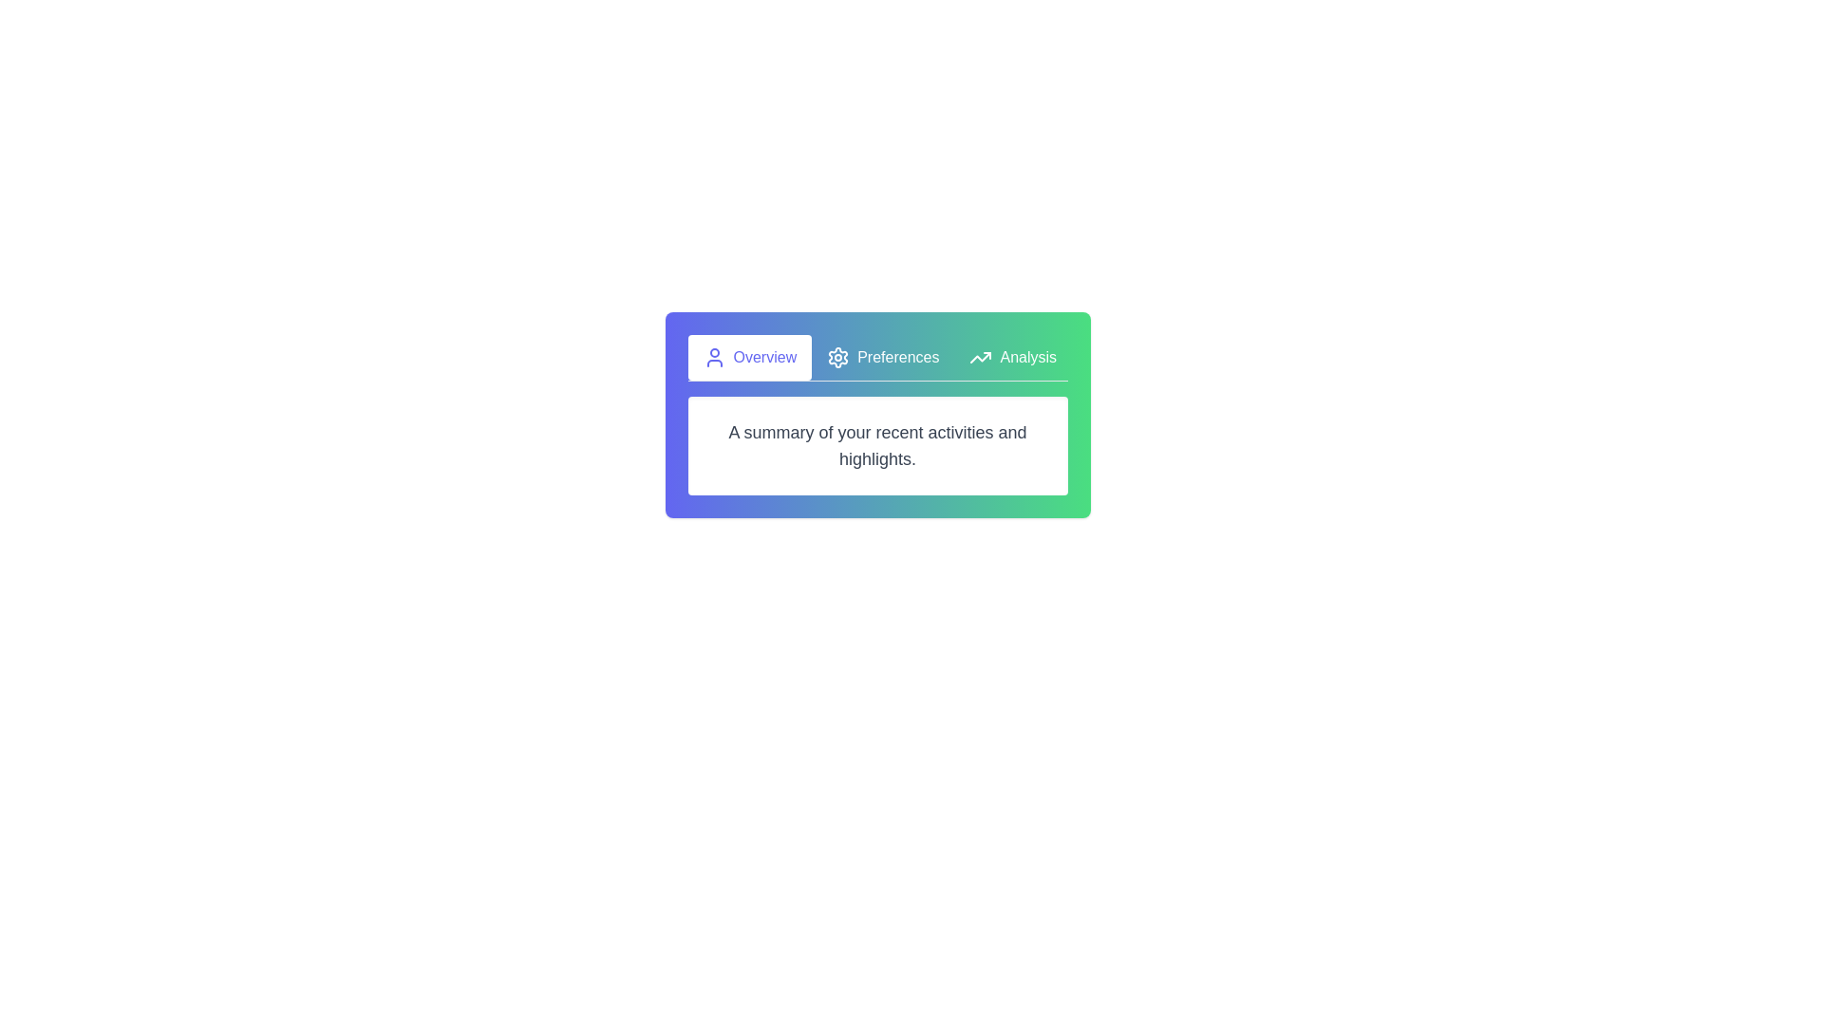 This screenshot has width=1823, height=1025. What do you see at coordinates (882, 358) in the screenshot?
I see `the tab labeled Preferences` at bounding box center [882, 358].